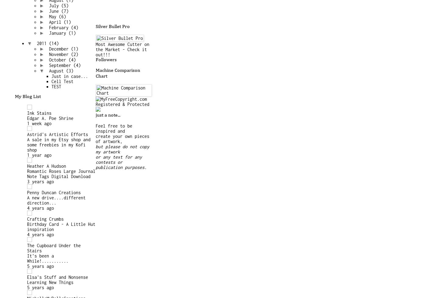 The image size is (423, 298). What do you see at coordinates (55, 5) in the screenshot?
I see `'July'` at bounding box center [55, 5].